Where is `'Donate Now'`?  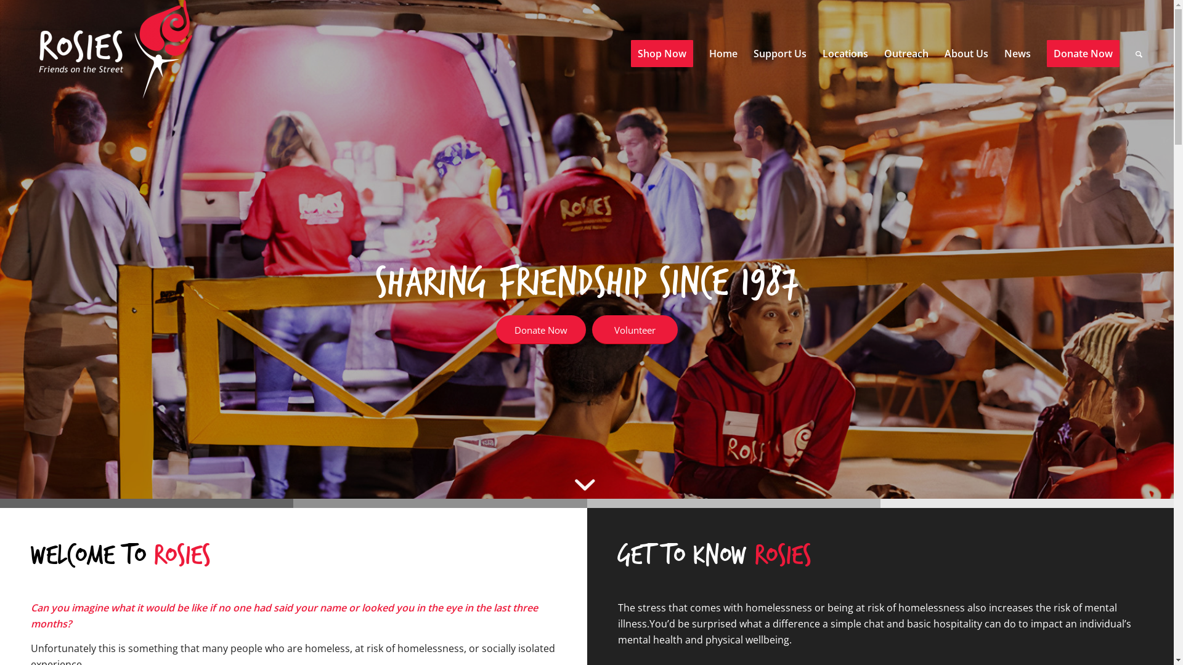
'Donate Now' is located at coordinates (496, 329).